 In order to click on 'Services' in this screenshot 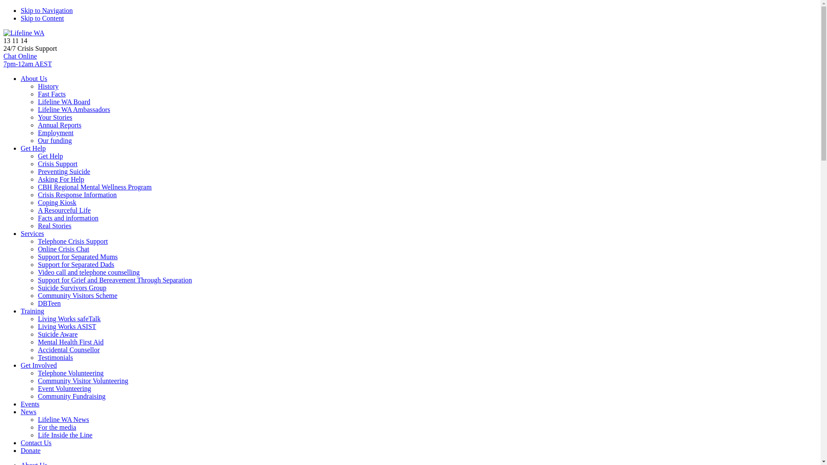, I will do `click(32, 233)`.